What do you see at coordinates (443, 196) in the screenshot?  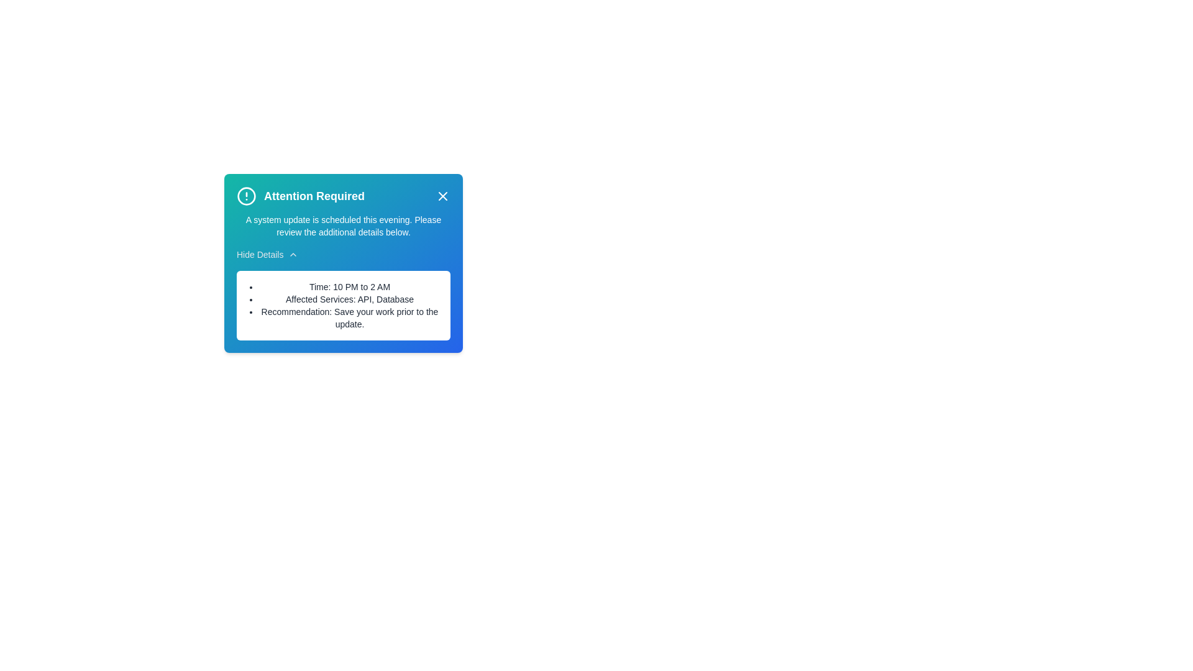 I see `the close button to close the alert` at bounding box center [443, 196].